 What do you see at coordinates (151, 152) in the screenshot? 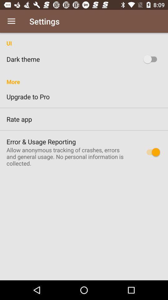
I see `switch error and usage reporting on and off` at bounding box center [151, 152].